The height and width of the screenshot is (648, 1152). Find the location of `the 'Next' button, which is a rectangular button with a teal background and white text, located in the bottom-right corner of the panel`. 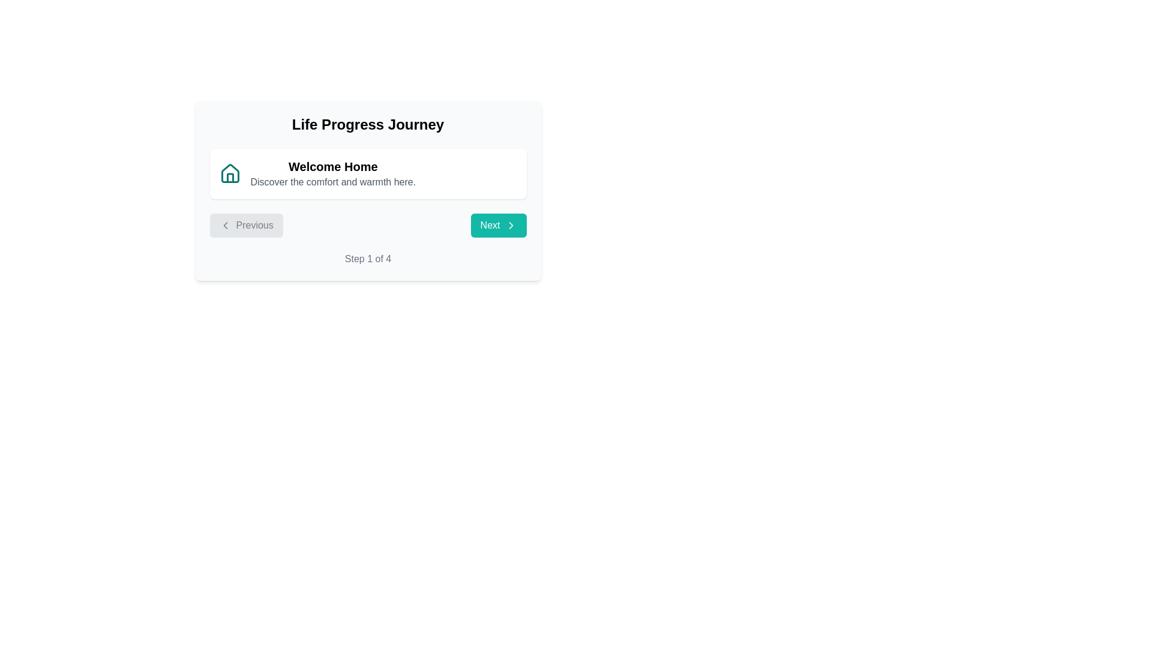

the 'Next' button, which is a rectangular button with a teal background and white text, located in the bottom-right corner of the panel is located at coordinates (498, 225).